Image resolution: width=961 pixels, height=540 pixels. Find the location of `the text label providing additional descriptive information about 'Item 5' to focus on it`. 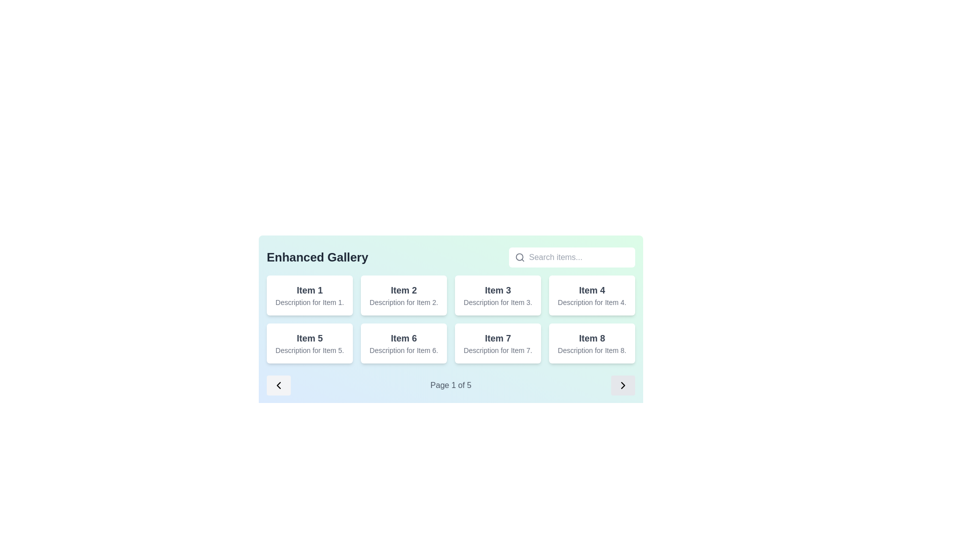

the text label providing additional descriptive information about 'Item 5' to focus on it is located at coordinates (309, 350).